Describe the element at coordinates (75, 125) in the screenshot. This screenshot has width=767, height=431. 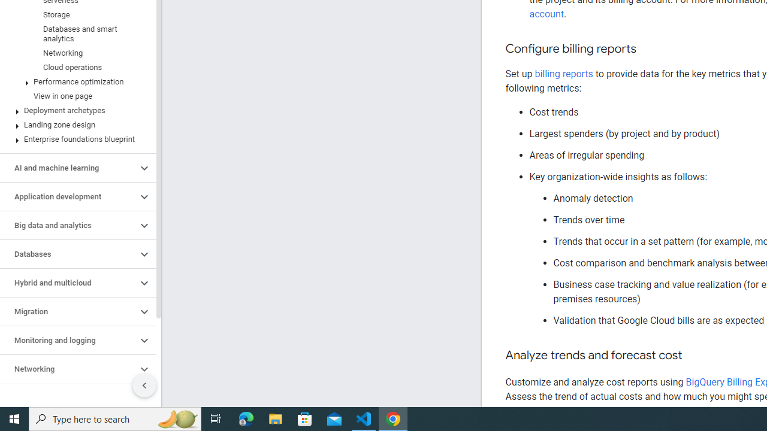
I see `'Landing zone design'` at that location.